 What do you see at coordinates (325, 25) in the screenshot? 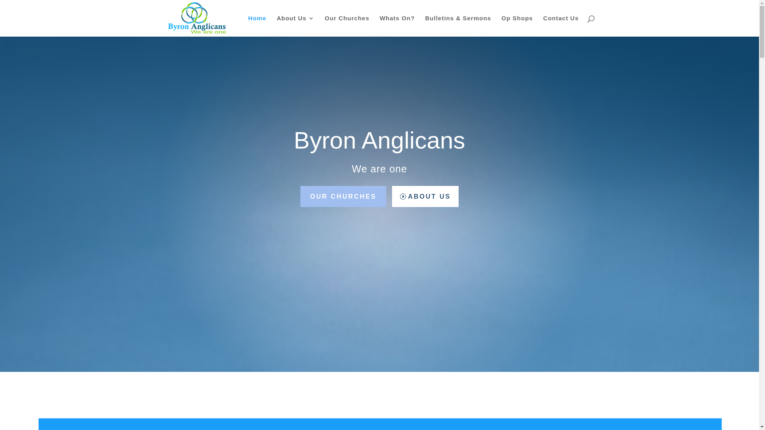
I see `'Our Churches'` at bounding box center [325, 25].